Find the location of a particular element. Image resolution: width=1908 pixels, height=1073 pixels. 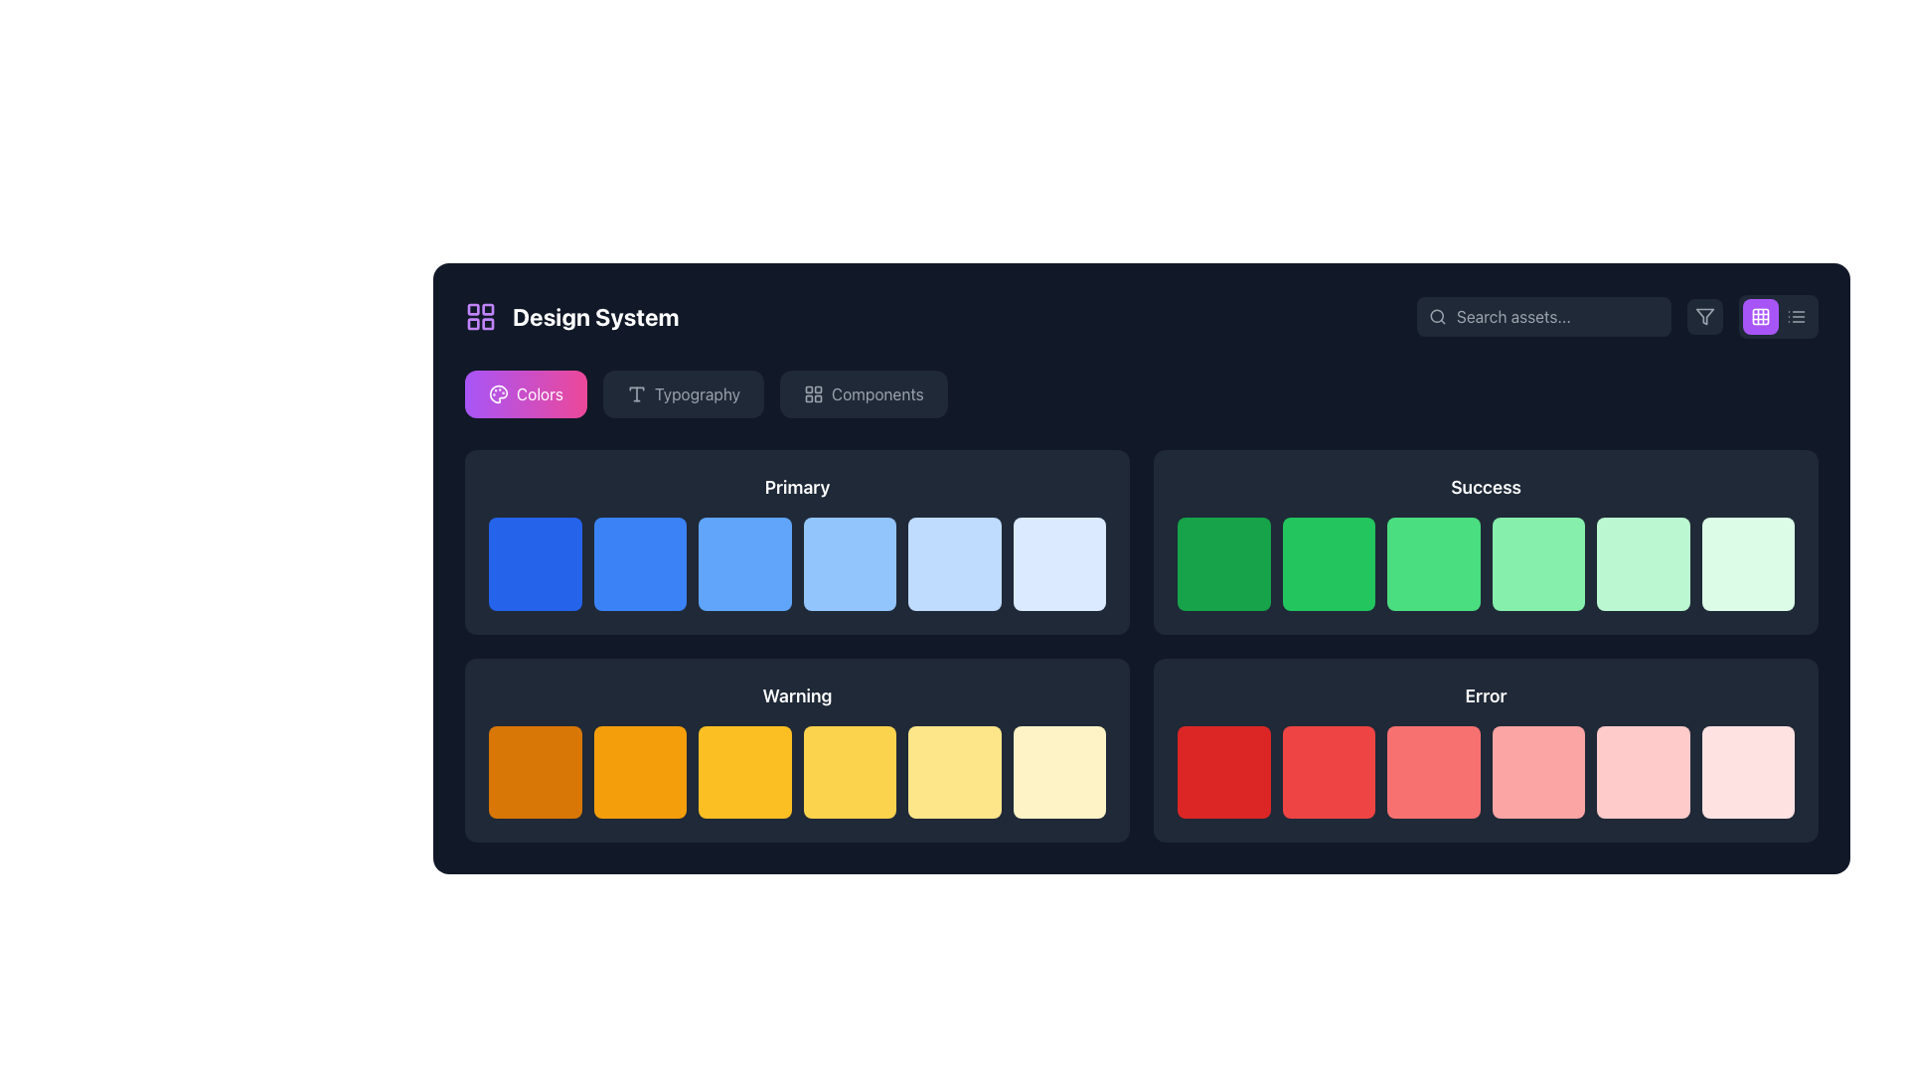

the SVG-based icon representing the Components button, located to the left of the text 'Components' in the top-right section of the pane under 'Design System' is located at coordinates (814, 394).